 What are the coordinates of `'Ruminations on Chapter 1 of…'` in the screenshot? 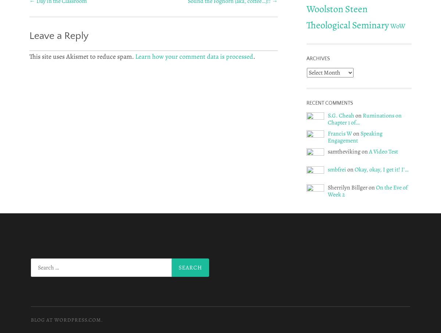 It's located at (365, 119).